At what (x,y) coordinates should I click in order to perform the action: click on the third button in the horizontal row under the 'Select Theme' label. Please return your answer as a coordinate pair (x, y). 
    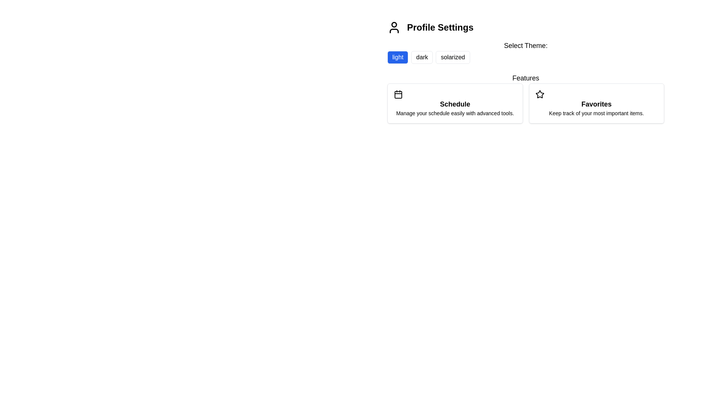
    Looking at the image, I should click on (453, 57).